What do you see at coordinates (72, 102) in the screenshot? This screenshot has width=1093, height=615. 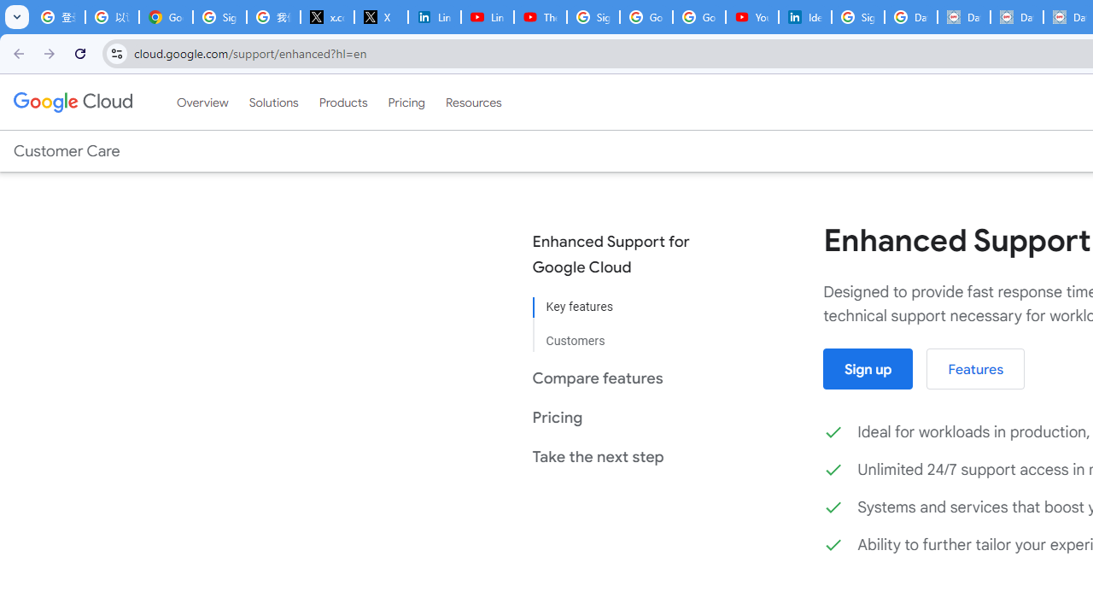 I see `'Google Cloud'` at bounding box center [72, 102].